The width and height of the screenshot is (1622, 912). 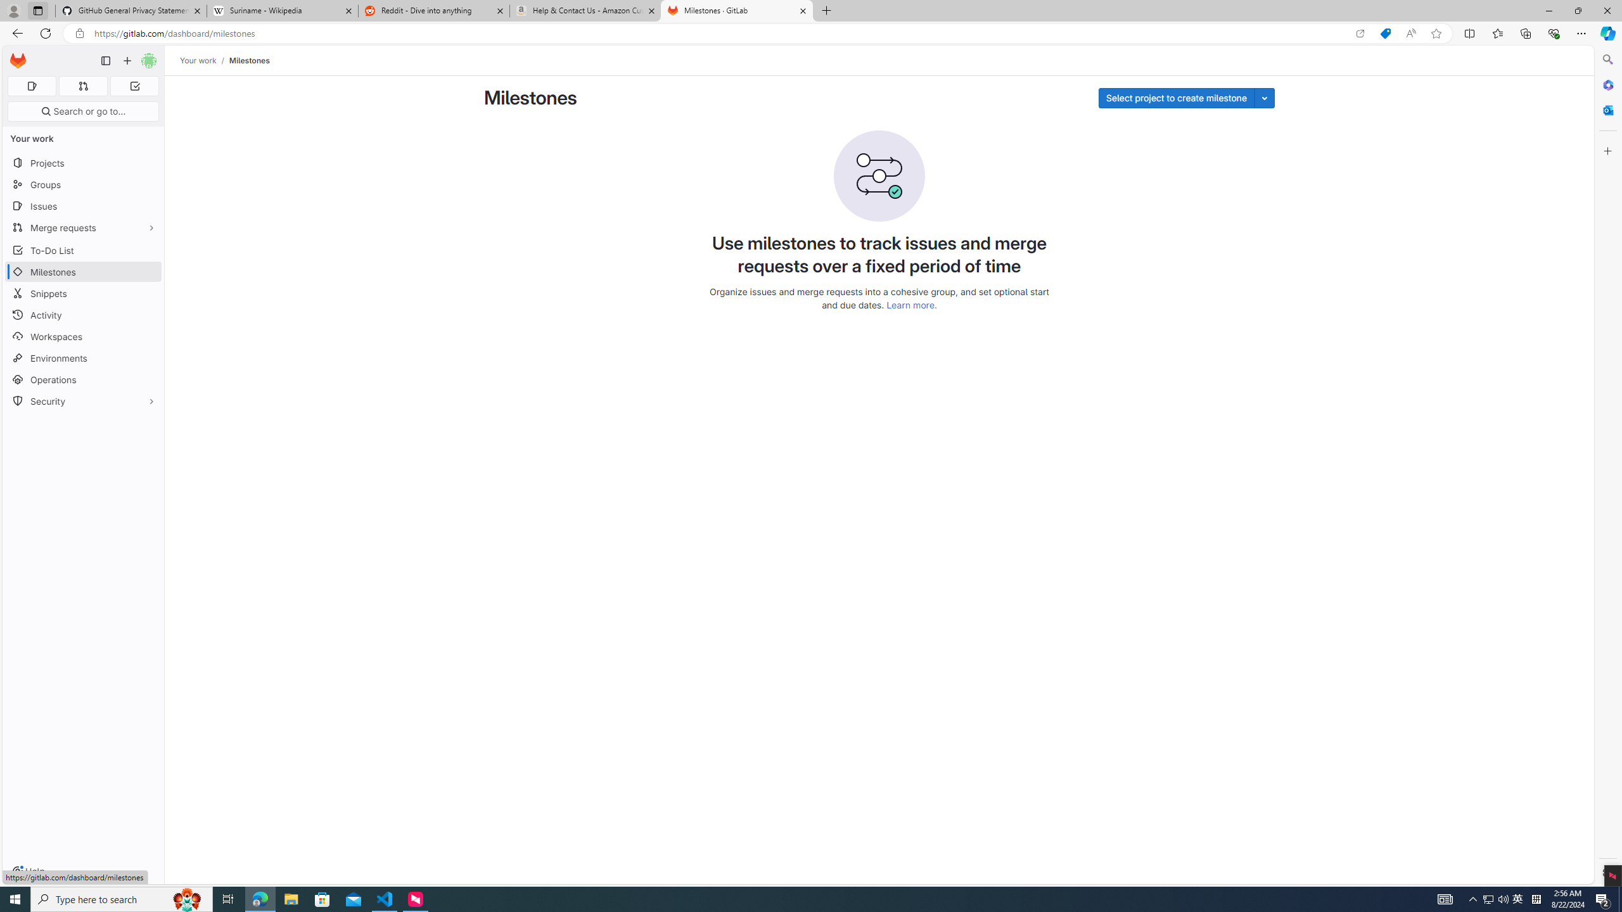 I want to click on 'Issues', so click(x=82, y=206).